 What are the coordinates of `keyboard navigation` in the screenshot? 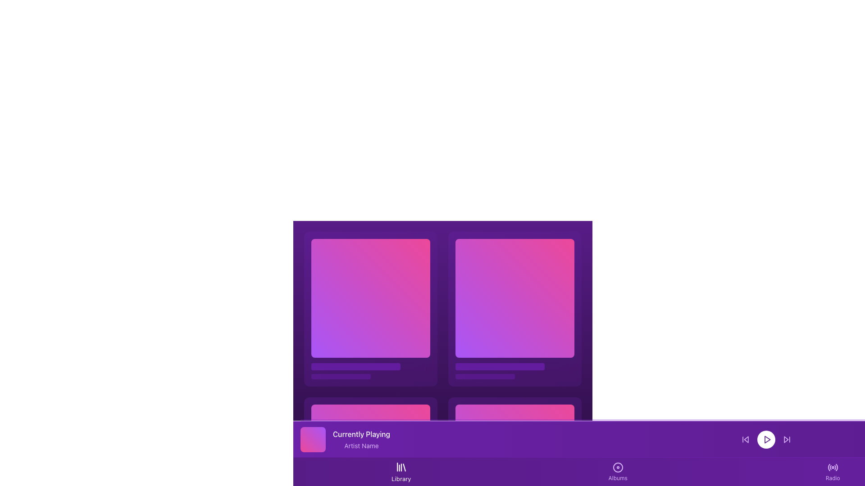 It's located at (401, 471).